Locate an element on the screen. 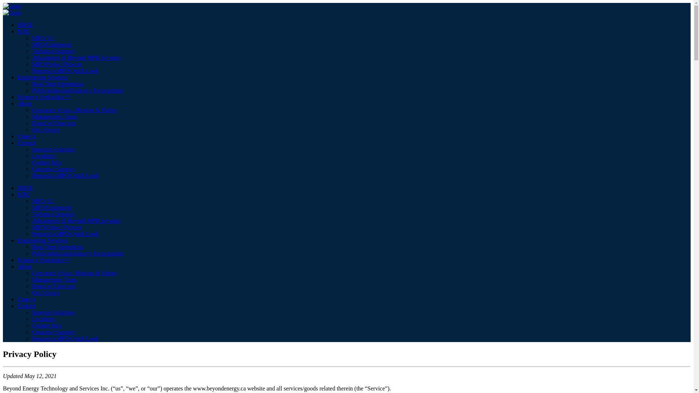 This screenshot has height=393, width=699. 'Publications and Industry Participation' is located at coordinates (77, 253).